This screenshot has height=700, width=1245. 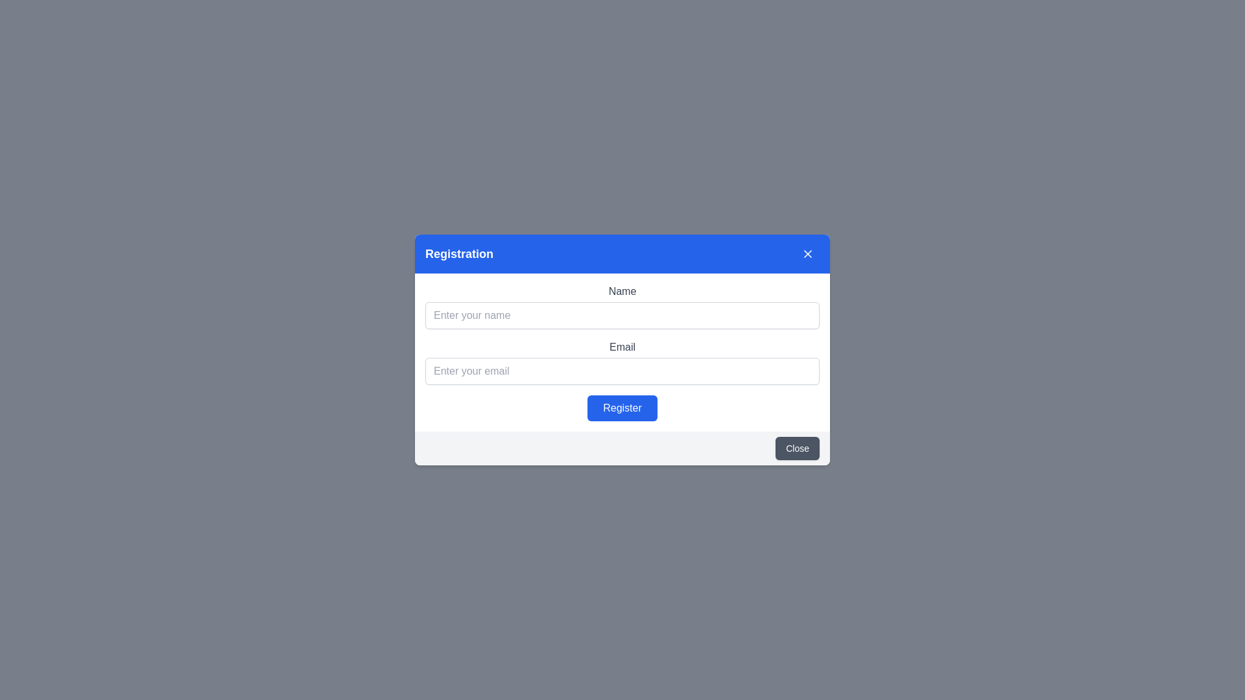 What do you see at coordinates (622, 292) in the screenshot?
I see `the 'Name' label that displays the text in a medium grayish font above the 'Enter your name' input field` at bounding box center [622, 292].